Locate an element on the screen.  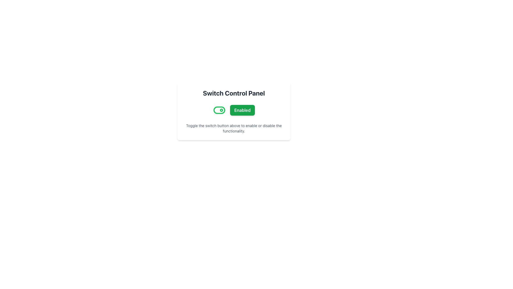
the 'Enabled' button located below the 'Switch Control Panel' title is located at coordinates (234, 110).